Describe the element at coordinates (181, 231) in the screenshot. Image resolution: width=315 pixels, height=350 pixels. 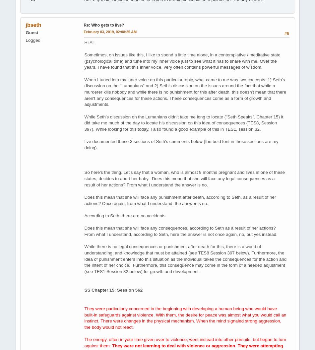
I see `'Does this mean that she will face any consequences, according to Seth as a result of her actions? From what I understand, according to Seth, here the answer is not once again, no, but yes instead.'` at that location.